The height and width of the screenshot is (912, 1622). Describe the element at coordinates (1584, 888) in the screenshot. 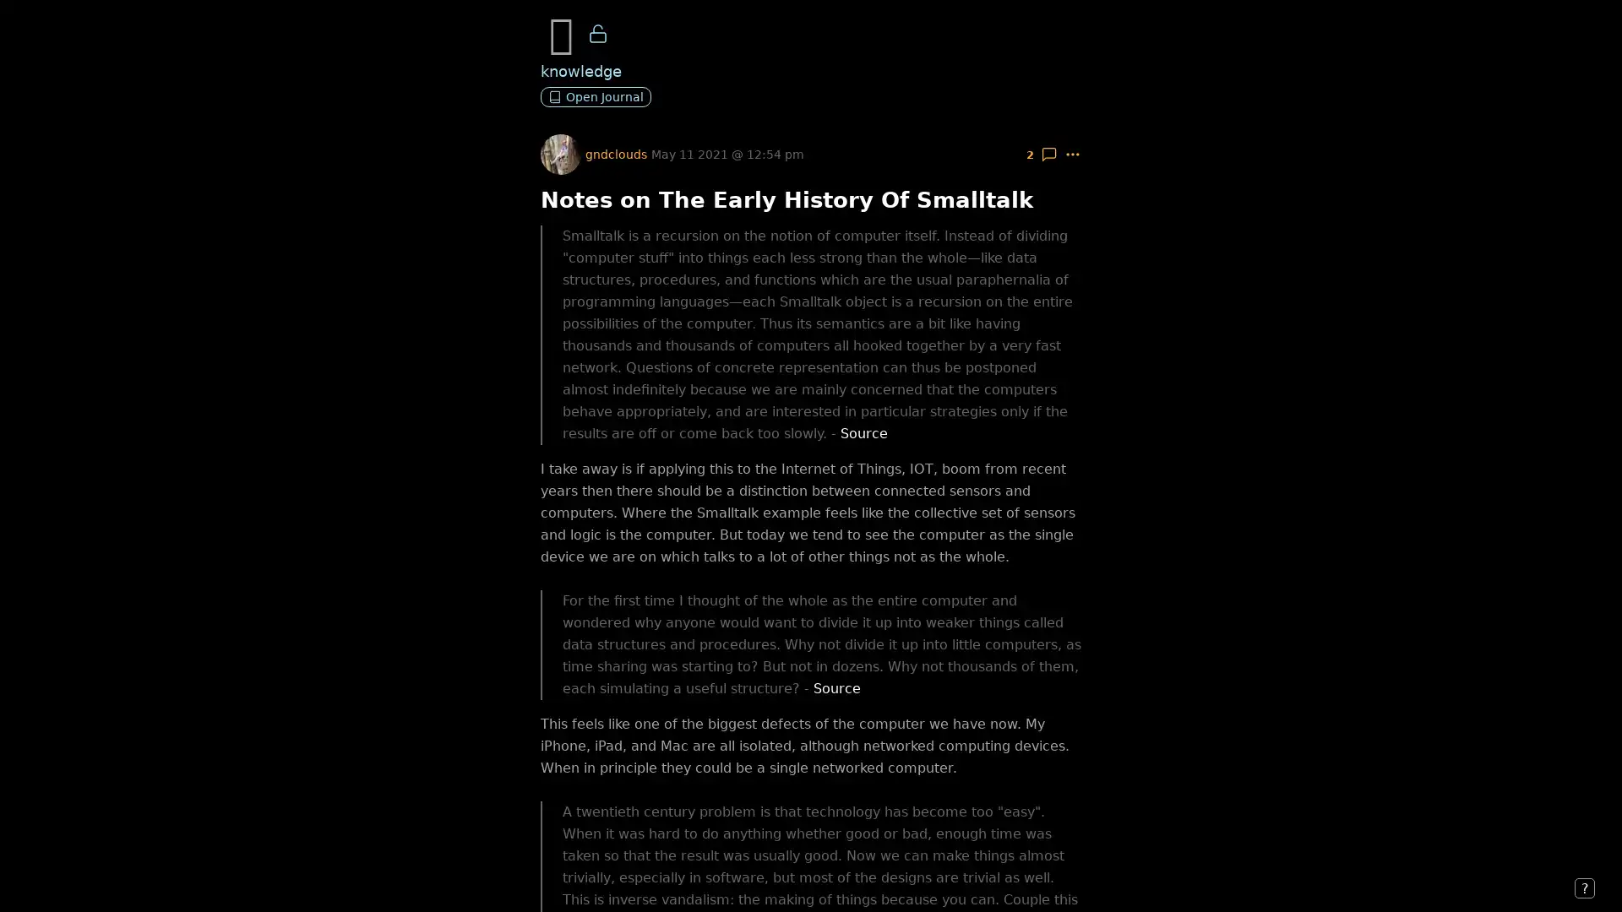

I see `?` at that location.